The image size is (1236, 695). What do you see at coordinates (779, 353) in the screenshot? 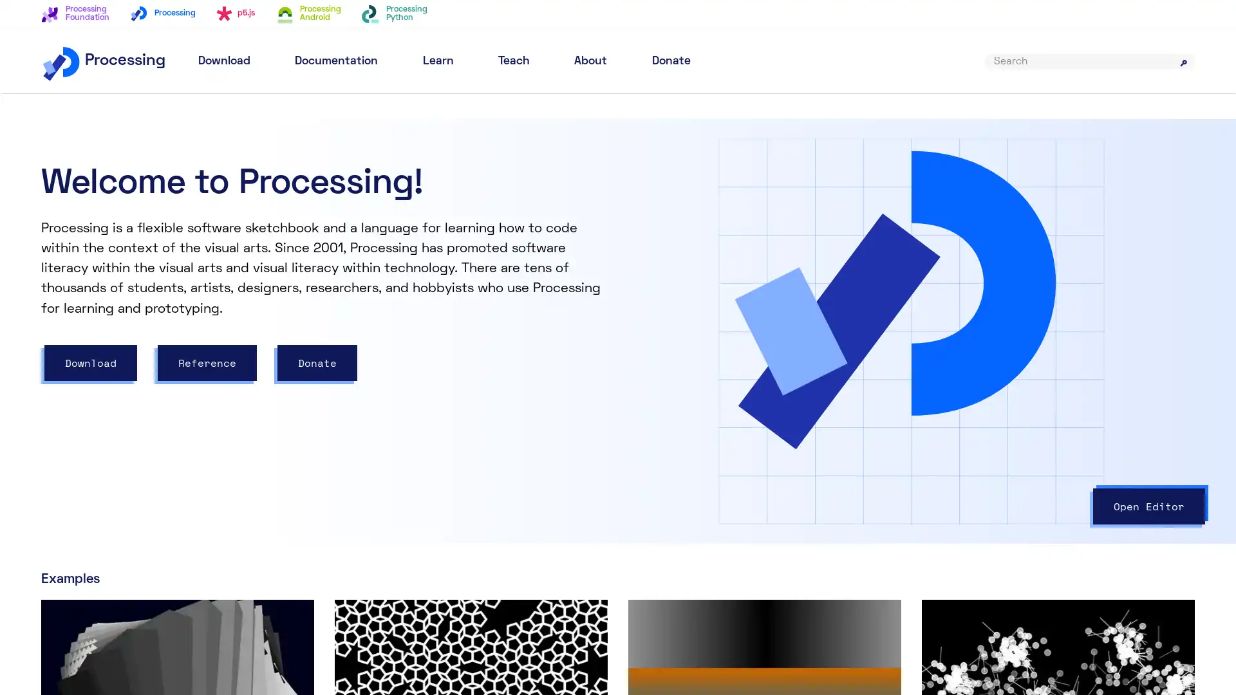
I see `change position` at bounding box center [779, 353].